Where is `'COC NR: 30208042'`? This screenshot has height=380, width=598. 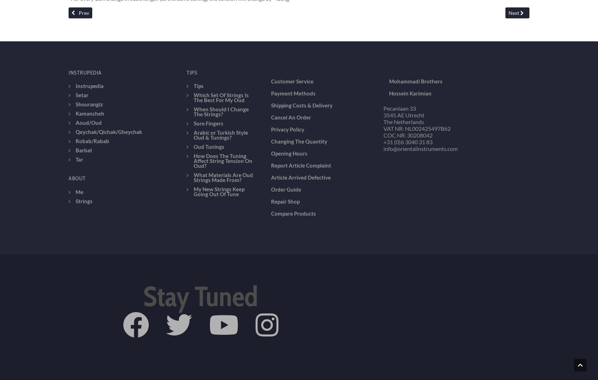 'COC NR: 30208042' is located at coordinates (407, 84).